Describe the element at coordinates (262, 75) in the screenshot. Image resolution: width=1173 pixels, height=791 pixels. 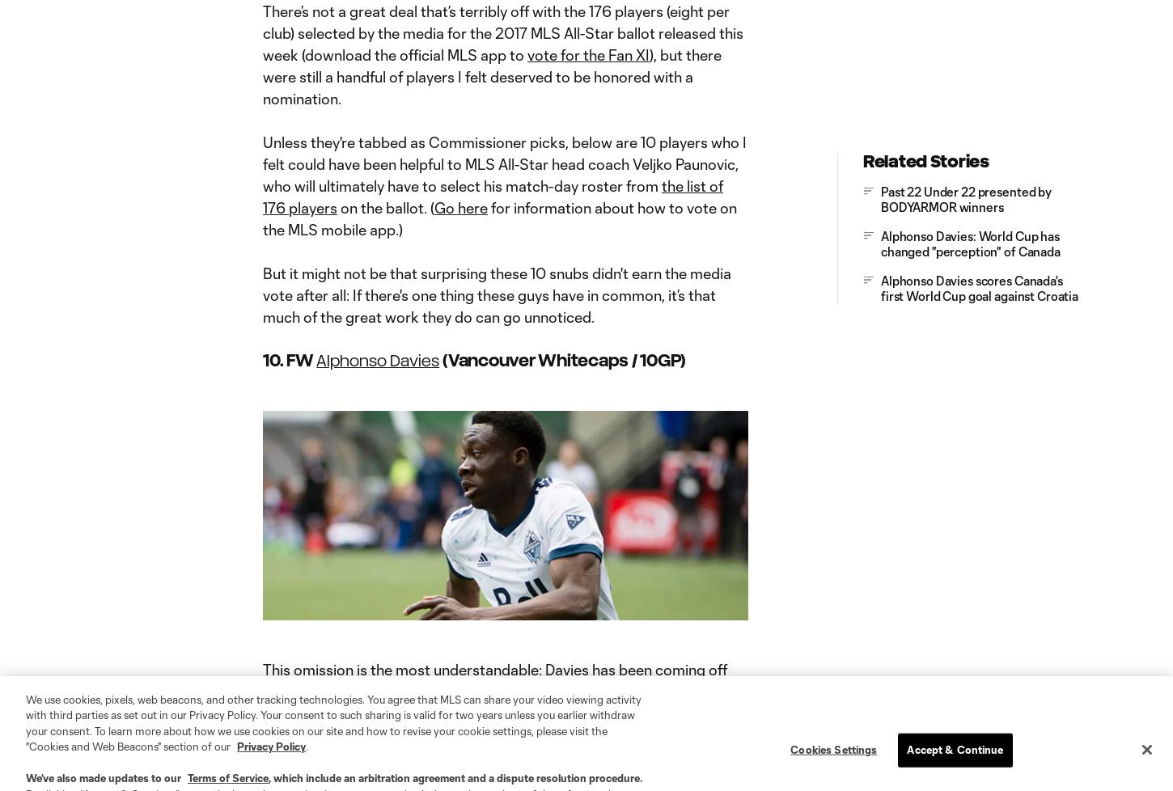
I see `'), but there were still a handful of players I felt deserved to be honored with a nomination.'` at that location.